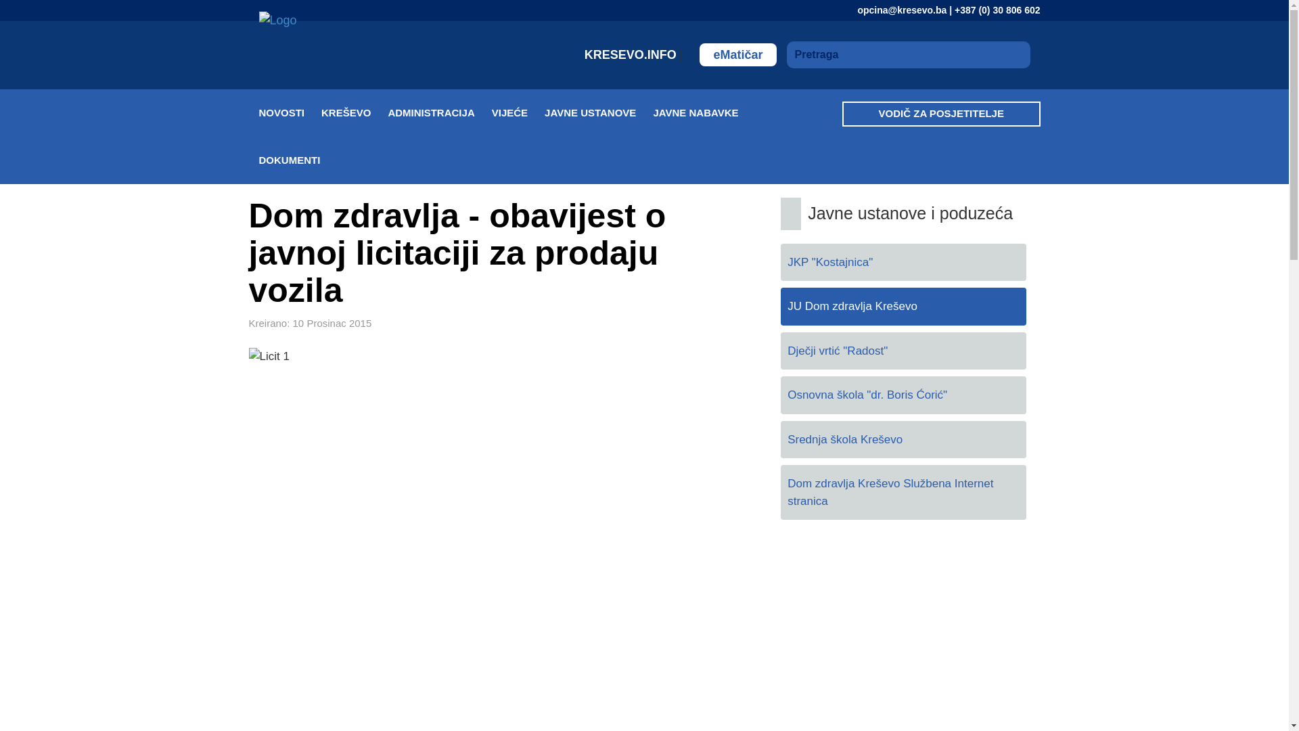 The height and width of the screenshot is (731, 1299). Describe the element at coordinates (297, 159) in the screenshot. I see `'DOKUMENTI'` at that location.